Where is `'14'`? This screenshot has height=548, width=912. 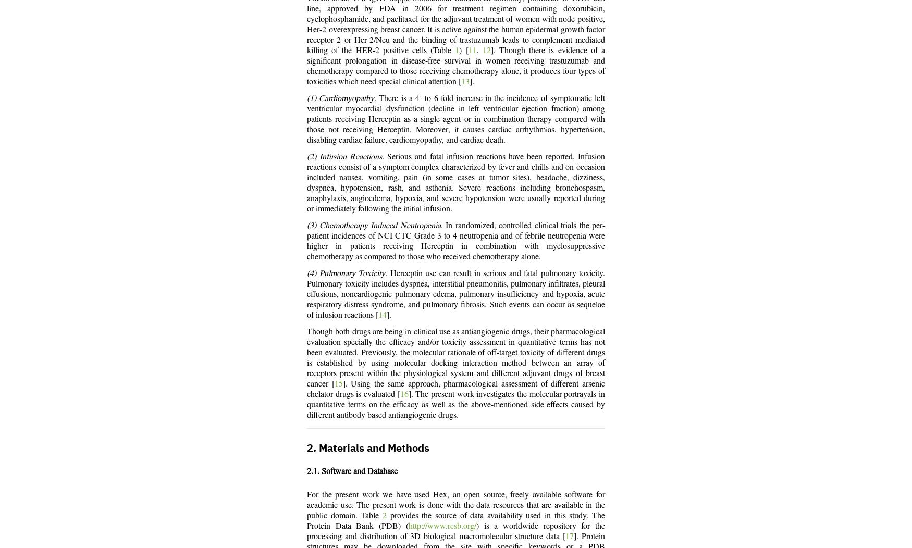
'14' is located at coordinates (382, 315).